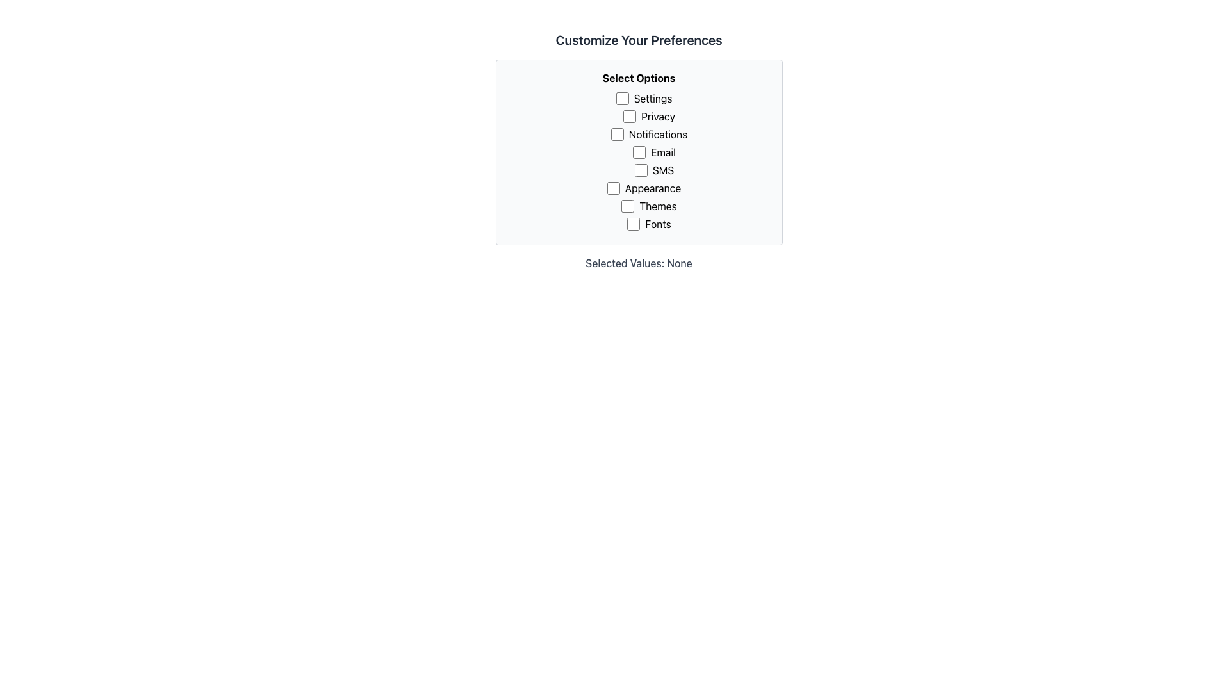 This screenshot has height=692, width=1230. What do you see at coordinates (628, 205) in the screenshot?
I see `the checkbox associated with the 'Themes' label in the 'Customize Your Preferences' section under 'Appearance'` at bounding box center [628, 205].